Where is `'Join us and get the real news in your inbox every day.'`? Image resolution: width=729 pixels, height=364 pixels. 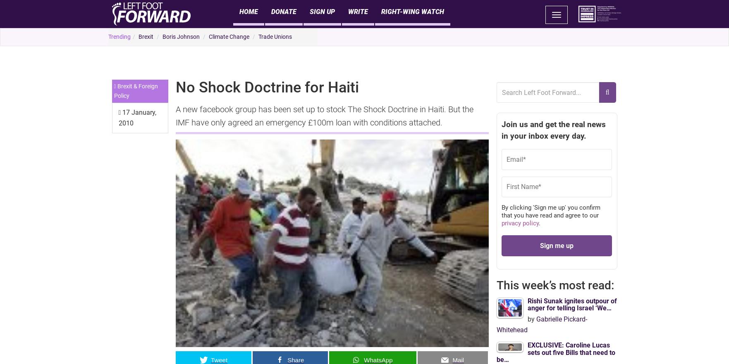
'Join us and get the real news in your inbox every day.' is located at coordinates (552, 130).